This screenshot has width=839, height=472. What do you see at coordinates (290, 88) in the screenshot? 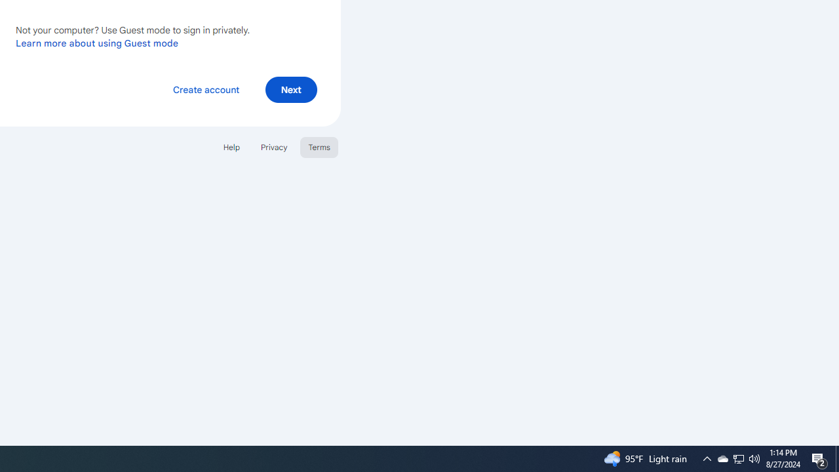
I see `'Next'` at bounding box center [290, 88].